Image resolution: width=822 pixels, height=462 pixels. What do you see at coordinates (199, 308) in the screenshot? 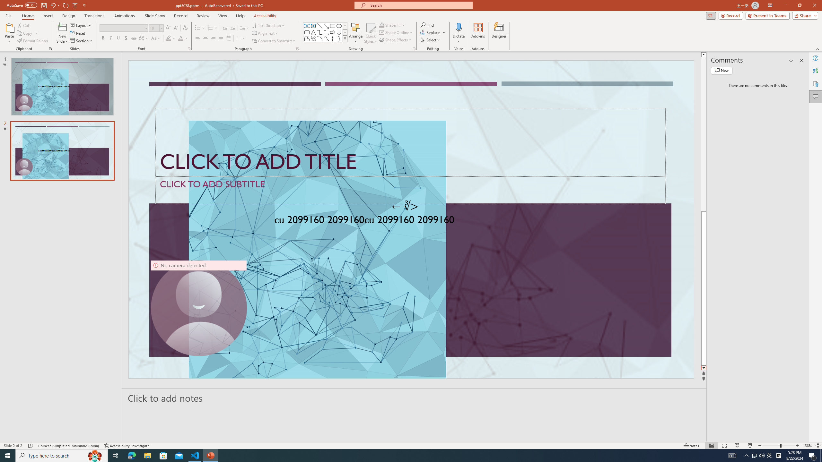
I see `'Camera 9, No camera detected.'` at bounding box center [199, 308].